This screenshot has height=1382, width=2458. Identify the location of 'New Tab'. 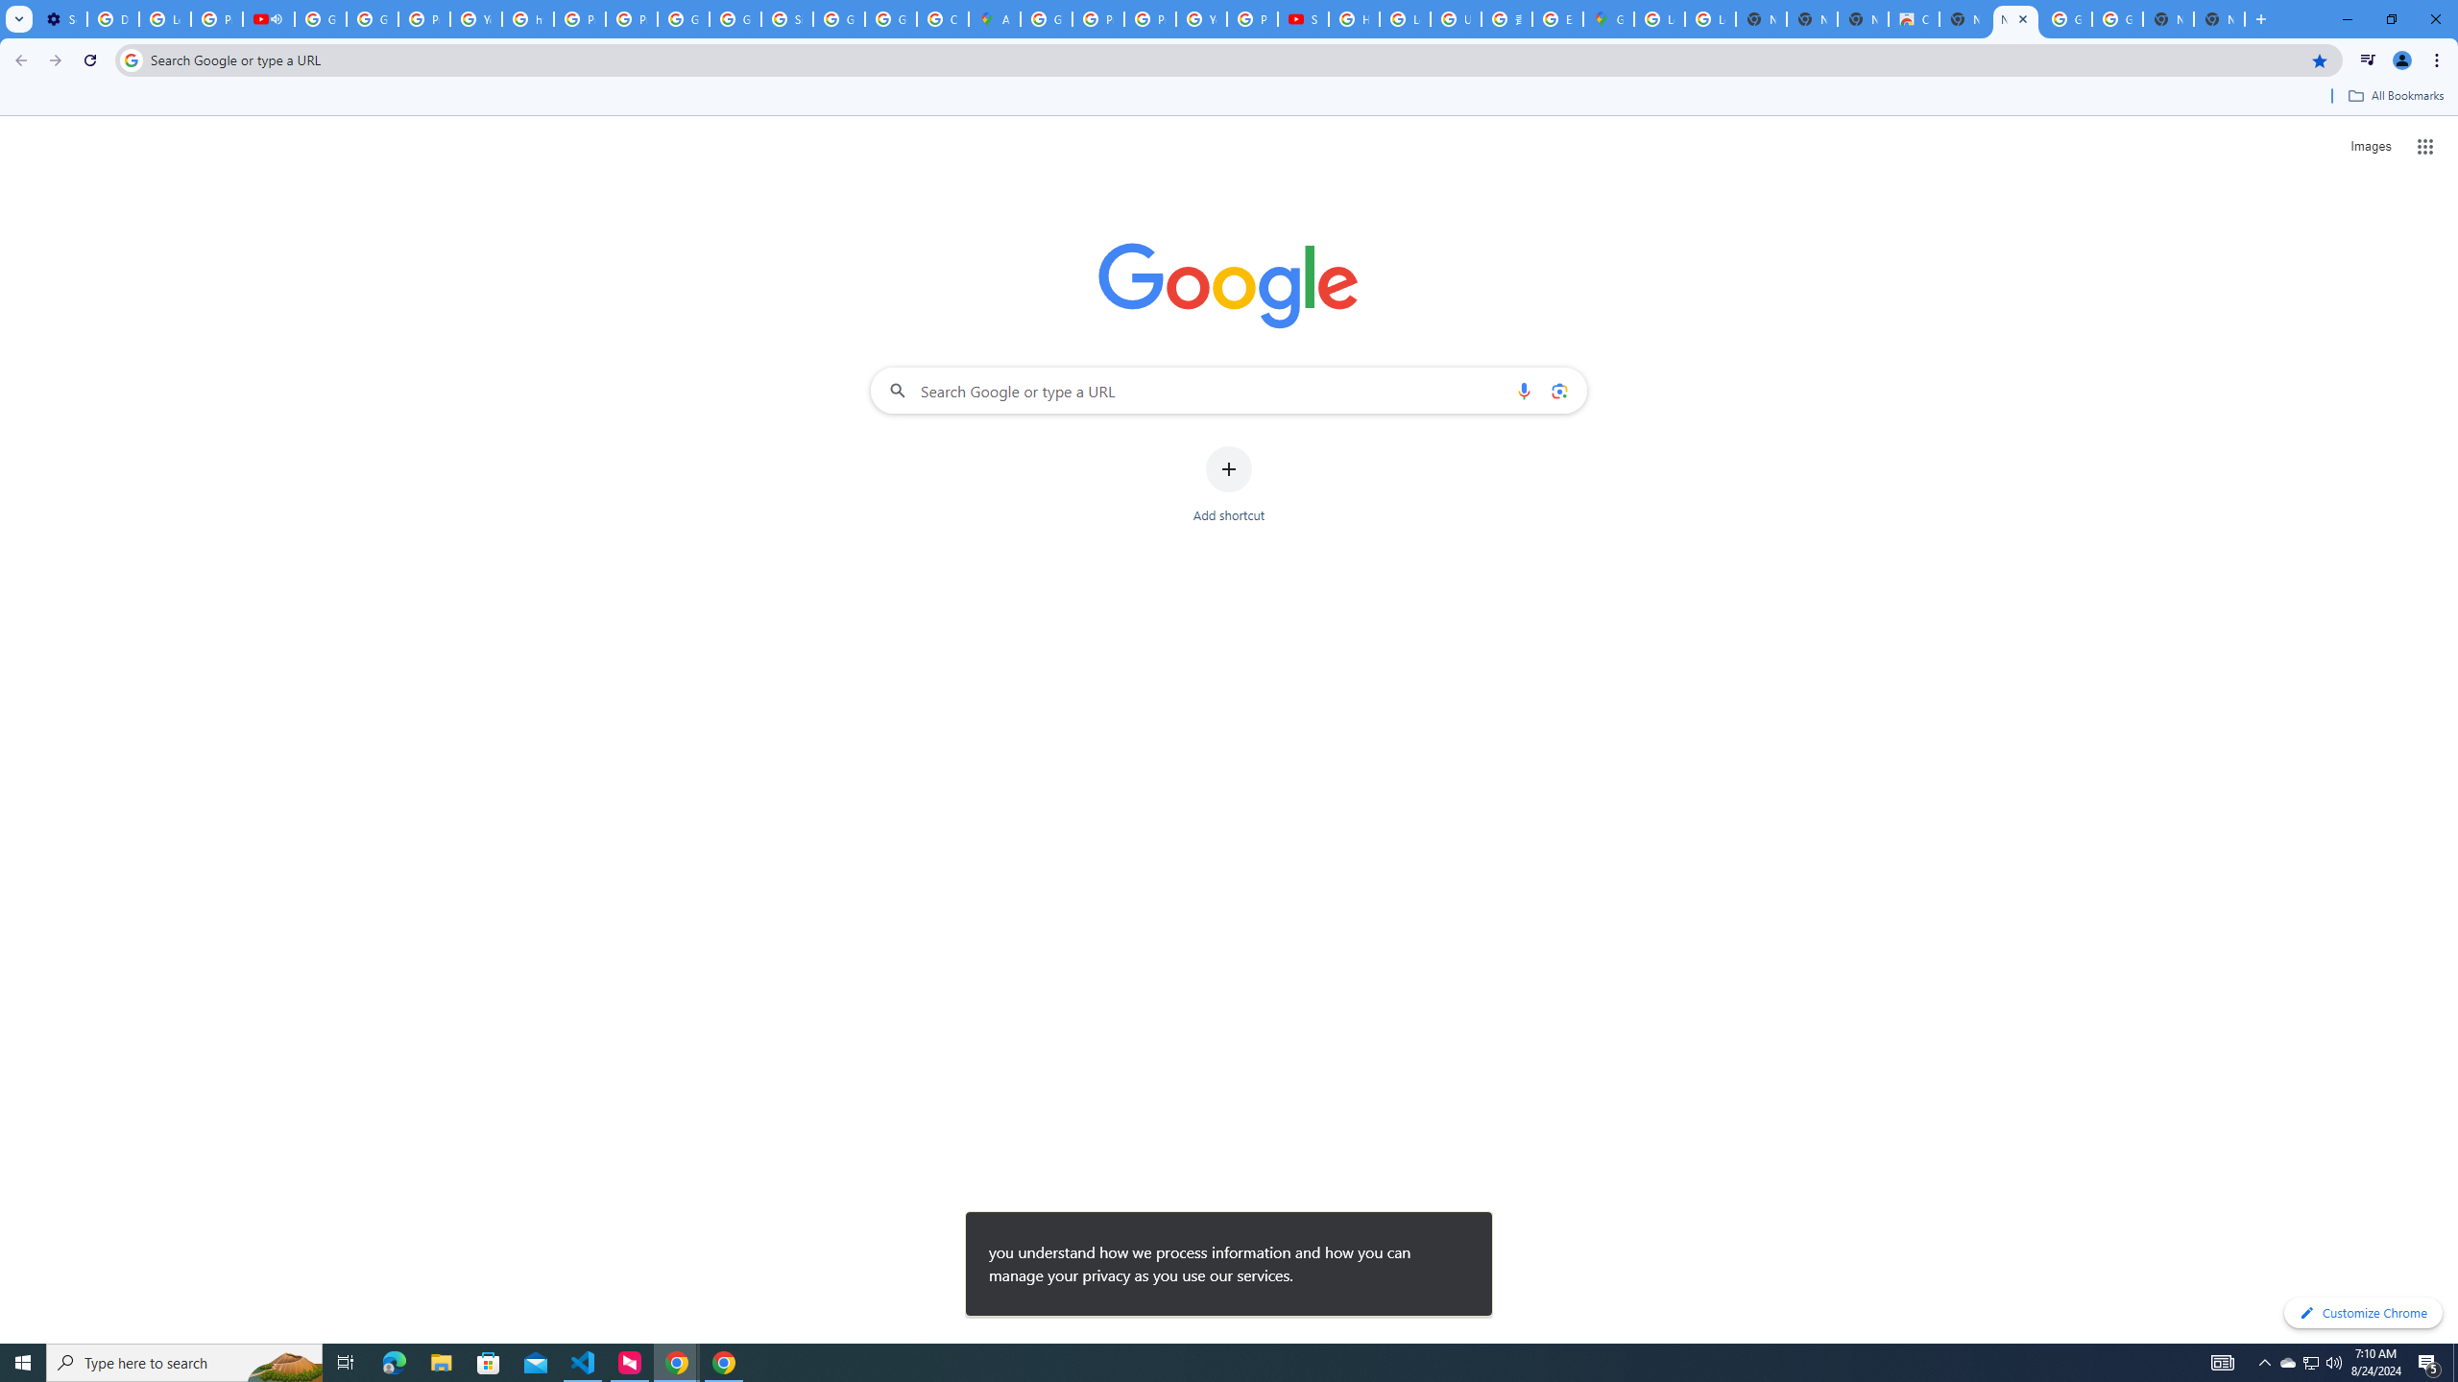
(2219, 18).